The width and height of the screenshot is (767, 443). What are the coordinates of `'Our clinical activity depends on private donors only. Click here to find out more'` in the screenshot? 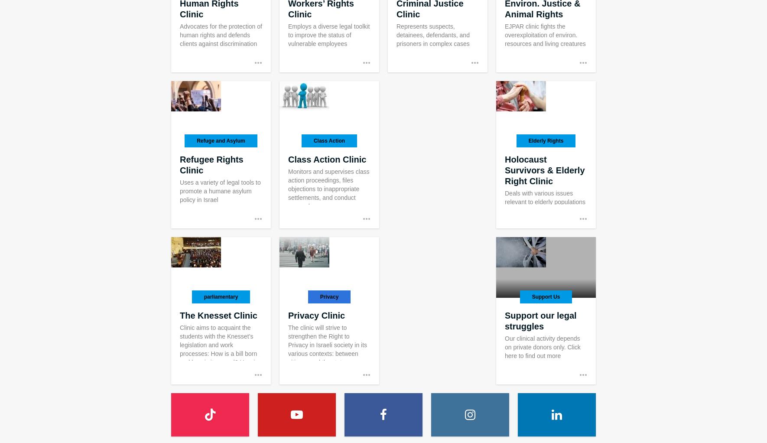 It's located at (542, 347).